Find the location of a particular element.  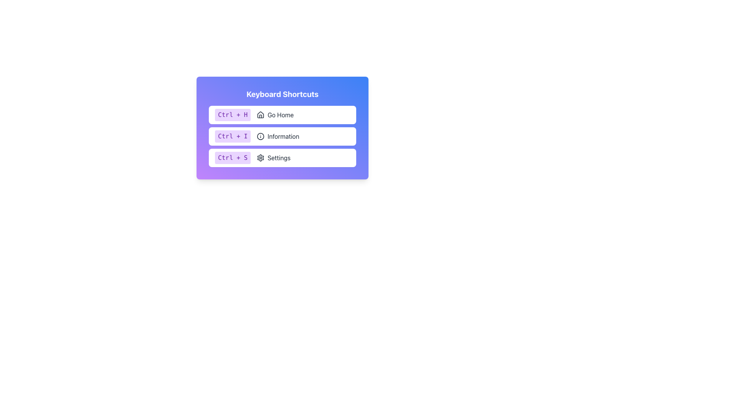

the settings button, which is the third button in a vertically stacked group of three buttons is located at coordinates (282, 158).